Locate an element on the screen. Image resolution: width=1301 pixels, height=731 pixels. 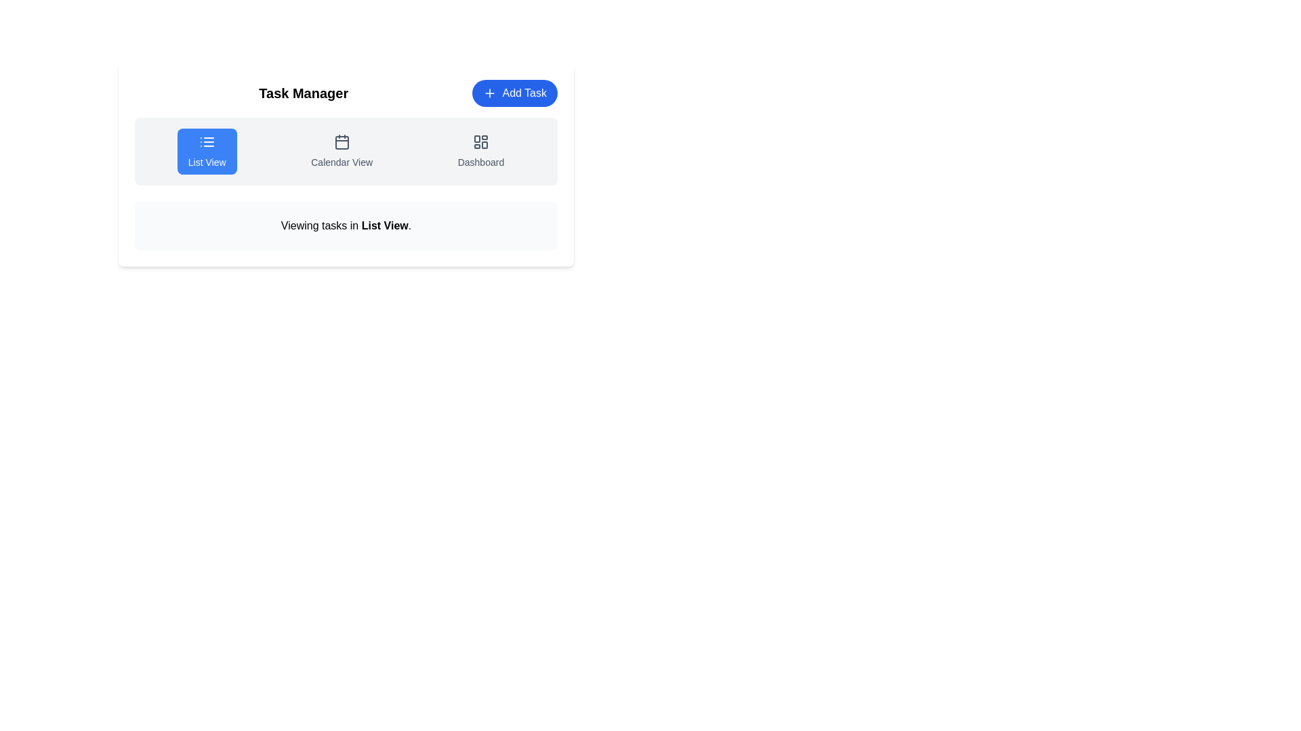
the 'Add Task' icon located inside the button labeled 'Add Task' in the top-right corner of the toolbar to initiate the process of adding a new task is located at coordinates (489, 93).